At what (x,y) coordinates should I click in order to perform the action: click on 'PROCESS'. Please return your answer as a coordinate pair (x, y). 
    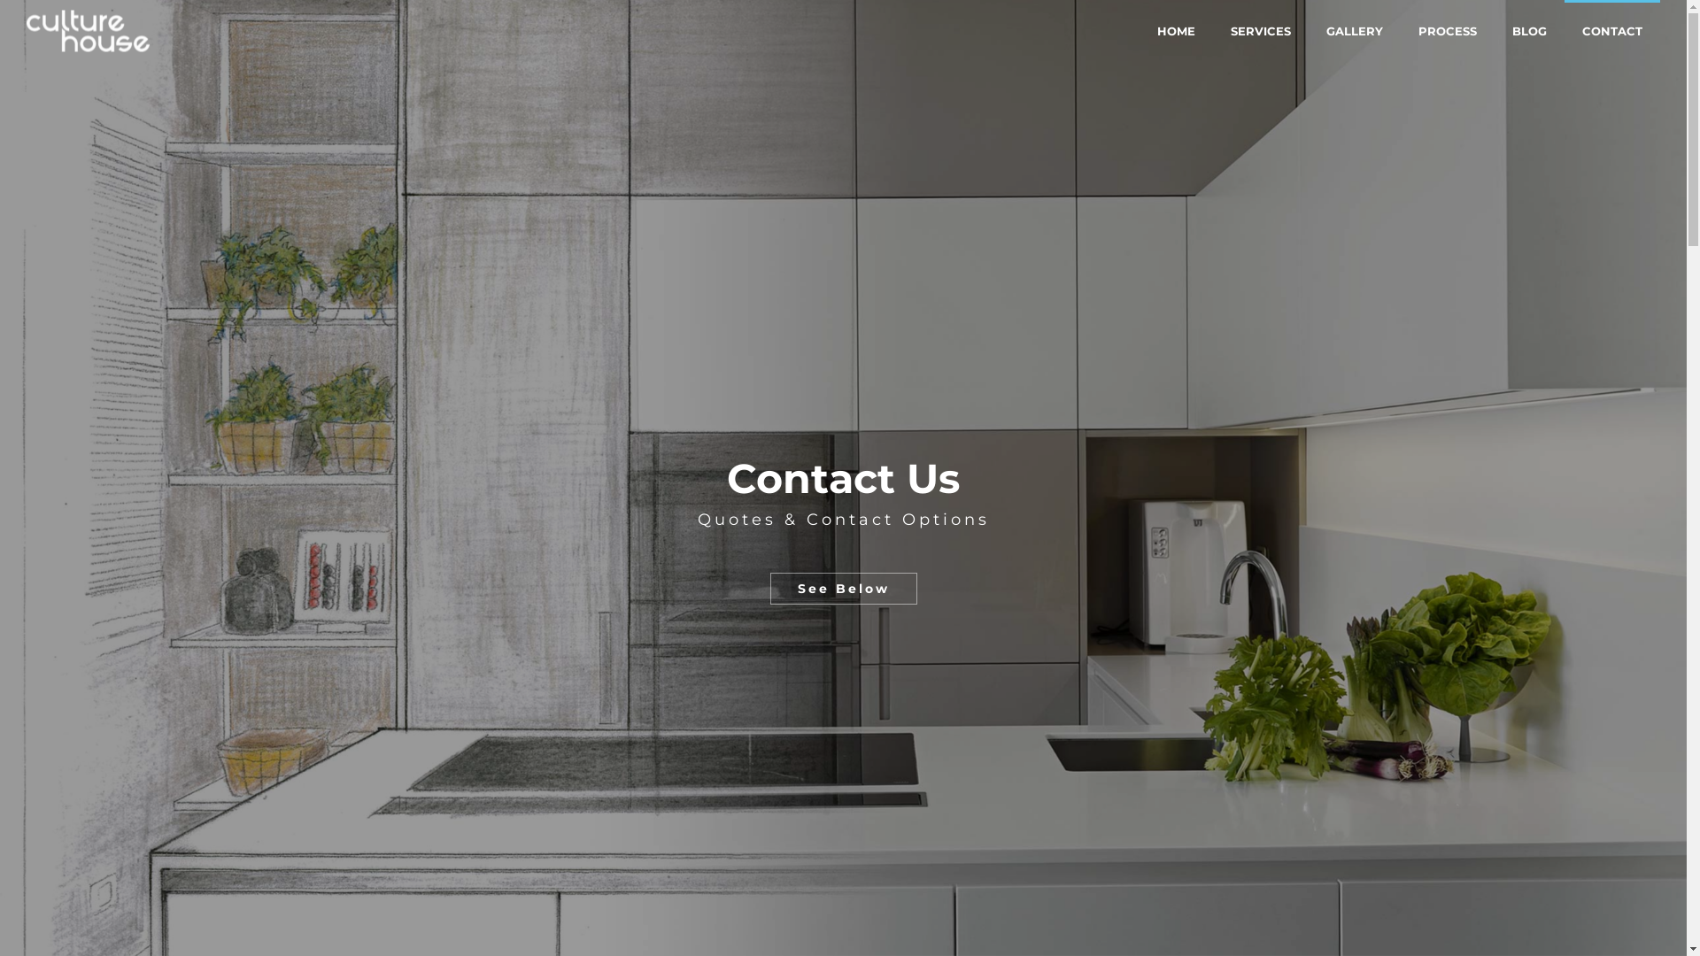
    Looking at the image, I should click on (1448, 30).